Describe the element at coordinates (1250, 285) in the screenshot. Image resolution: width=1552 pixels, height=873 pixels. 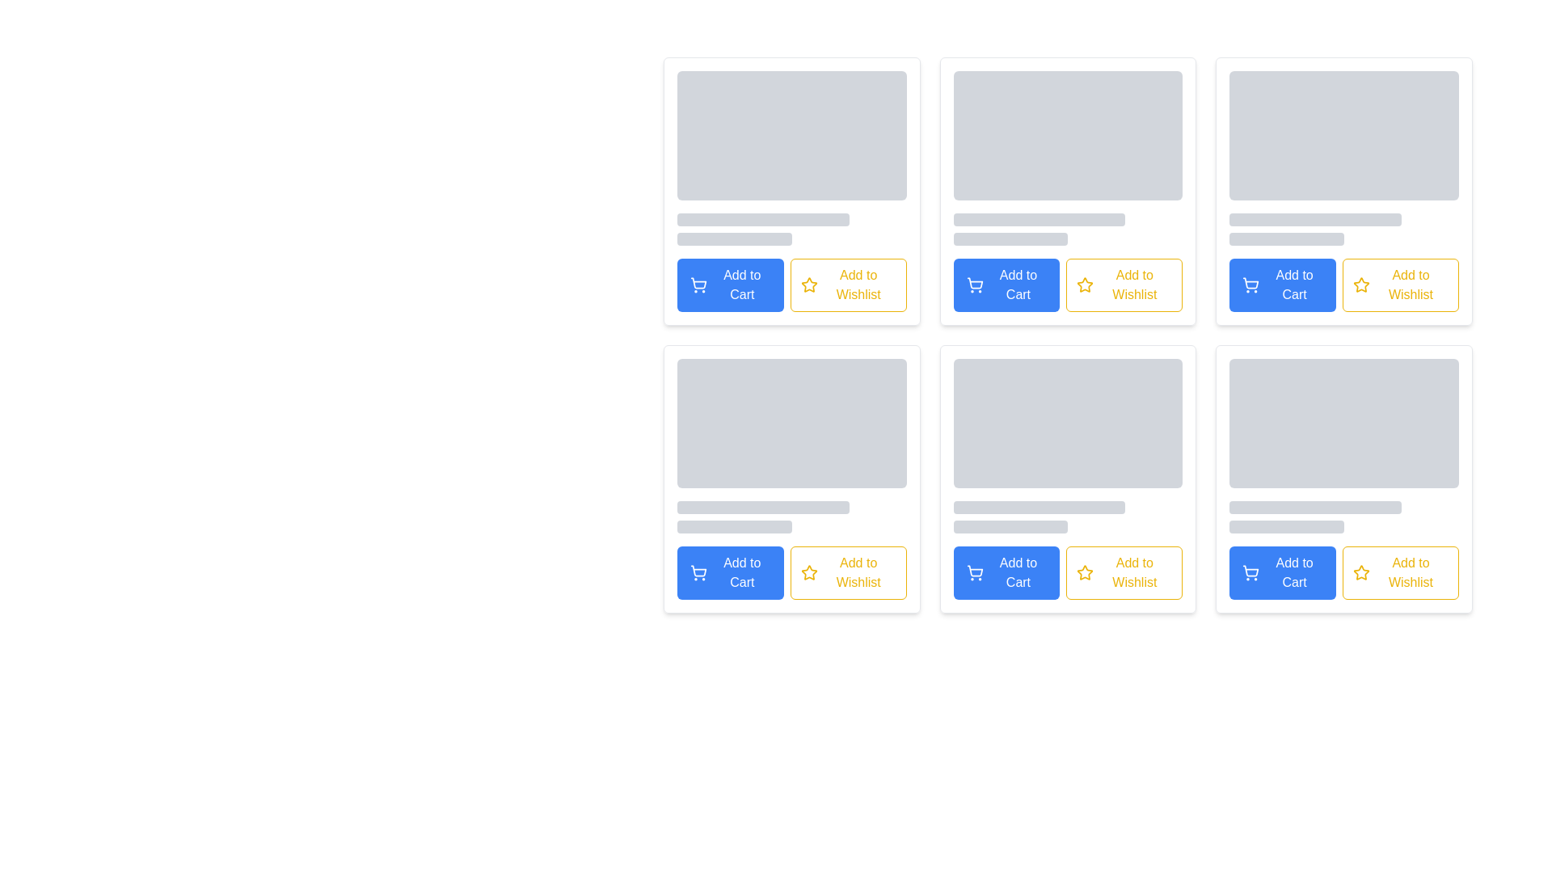
I see `the 'Add to Cart' icon located on the left side of the button in the second product card of the first row to initiate the add to cart action` at that location.